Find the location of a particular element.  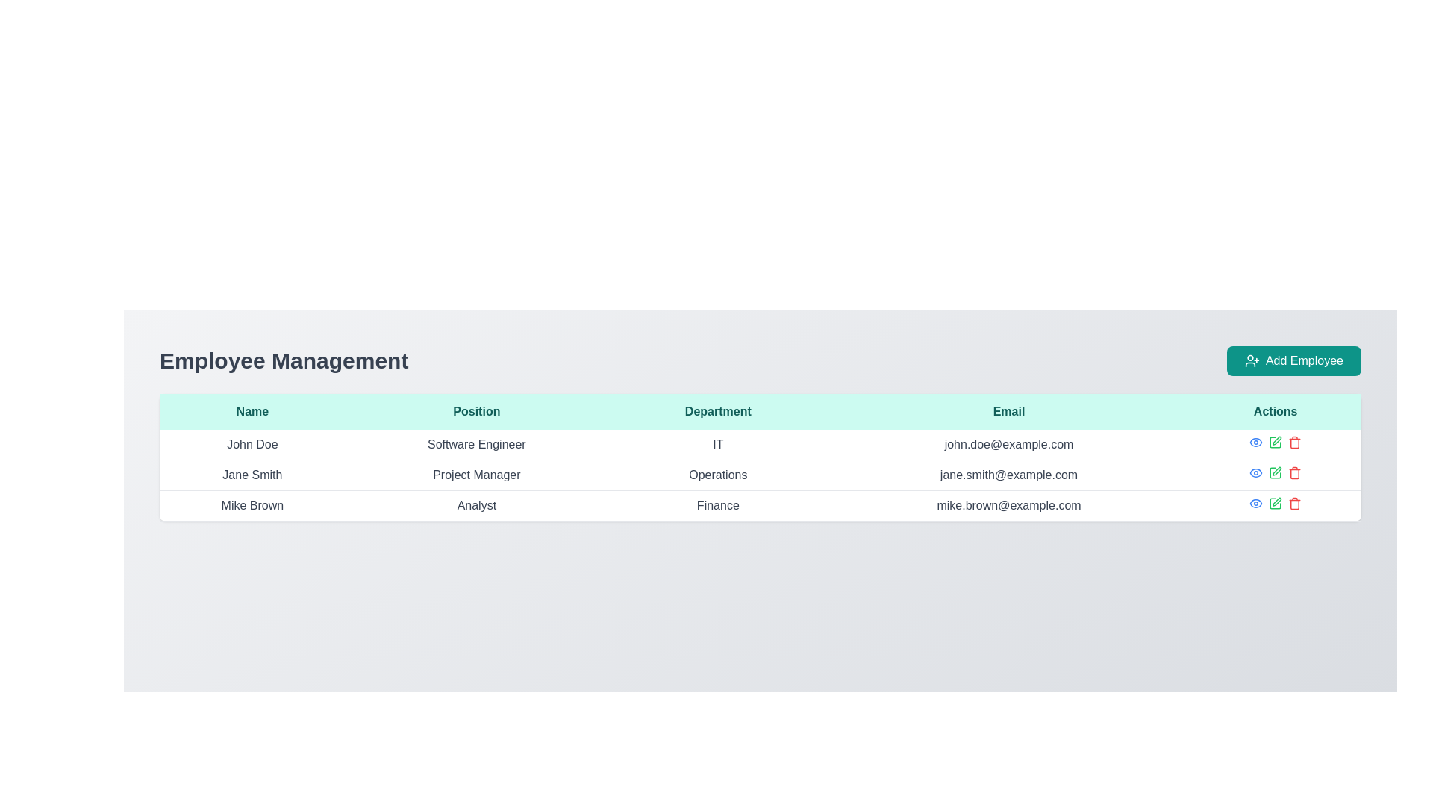

the delete button in the 'Actions' column for the employee 'Mike Brown' is located at coordinates (1293, 442).